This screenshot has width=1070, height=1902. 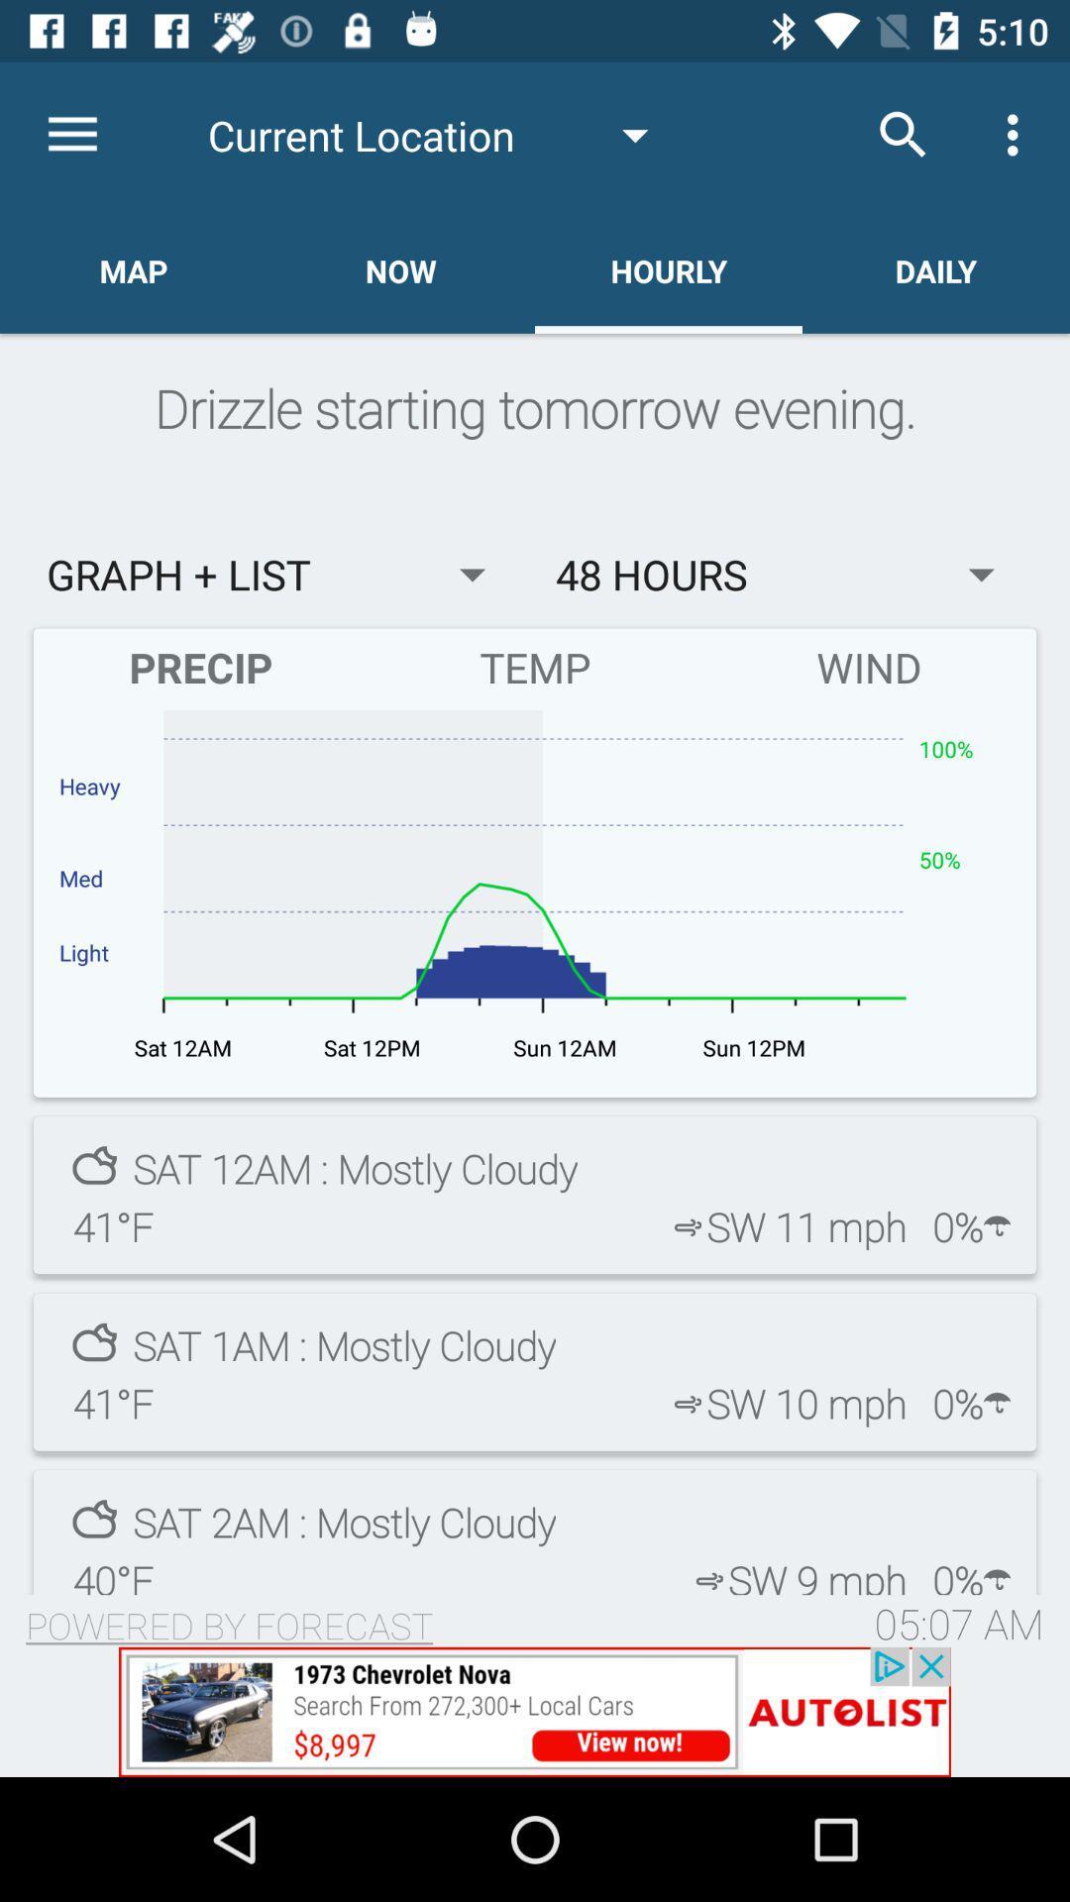 What do you see at coordinates (535, 1711) in the screenshot?
I see `advertisement` at bounding box center [535, 1711].